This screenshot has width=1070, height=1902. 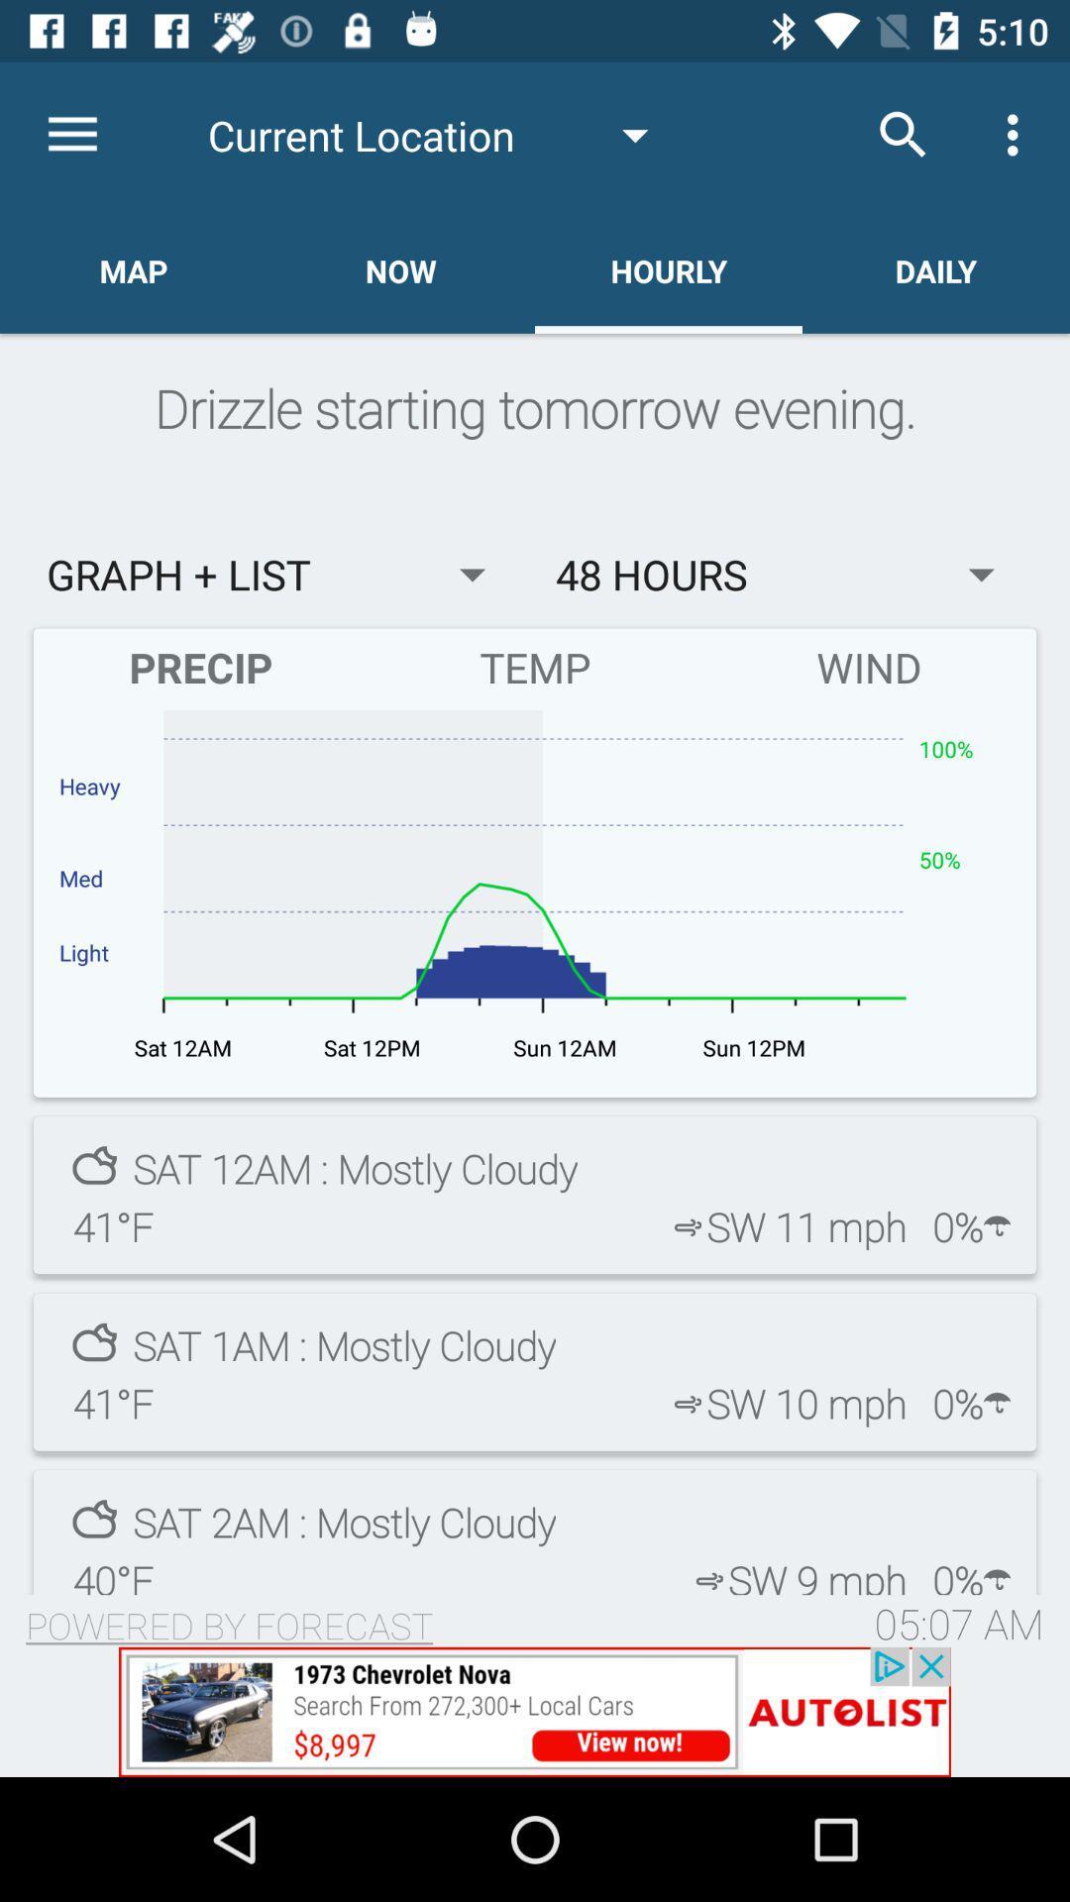 What do you see at coordinates (535, 1711) in the screenshot?
I see `advertisement` at bounding box center [535, 1711].